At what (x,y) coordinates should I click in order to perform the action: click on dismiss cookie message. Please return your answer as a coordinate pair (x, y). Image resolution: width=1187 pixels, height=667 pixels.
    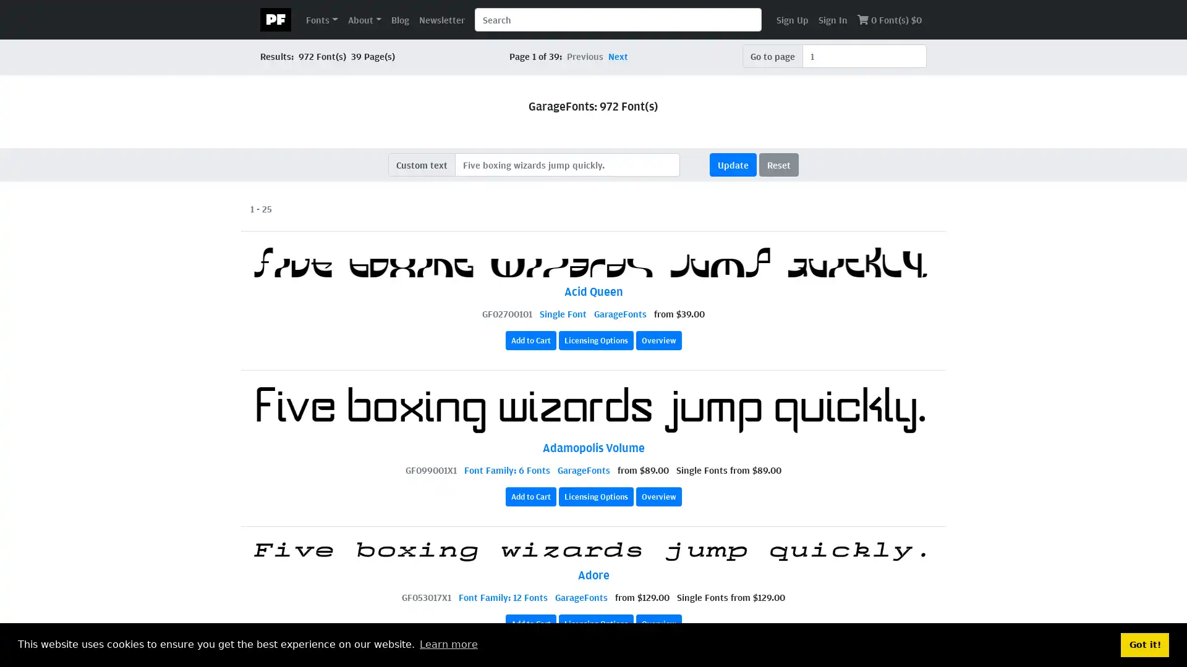
    Looking at the image, I should click on (1144, 644).